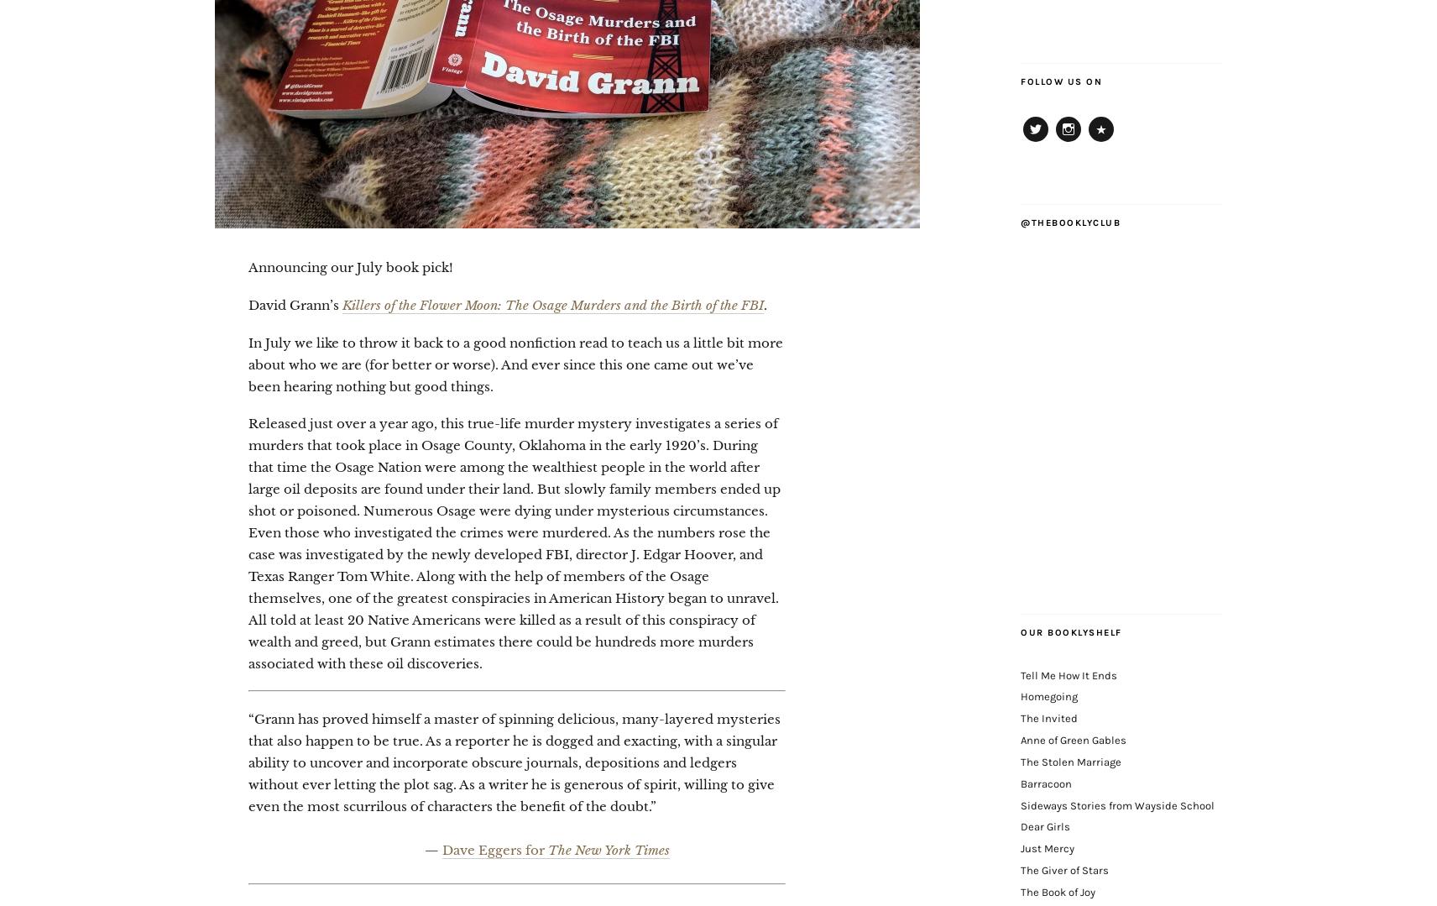 The width and height of the screenshot is (1437, 906). Describe the element at coordinates (609, 849) in the screenshot. I see `'The New York Times'` at that location.